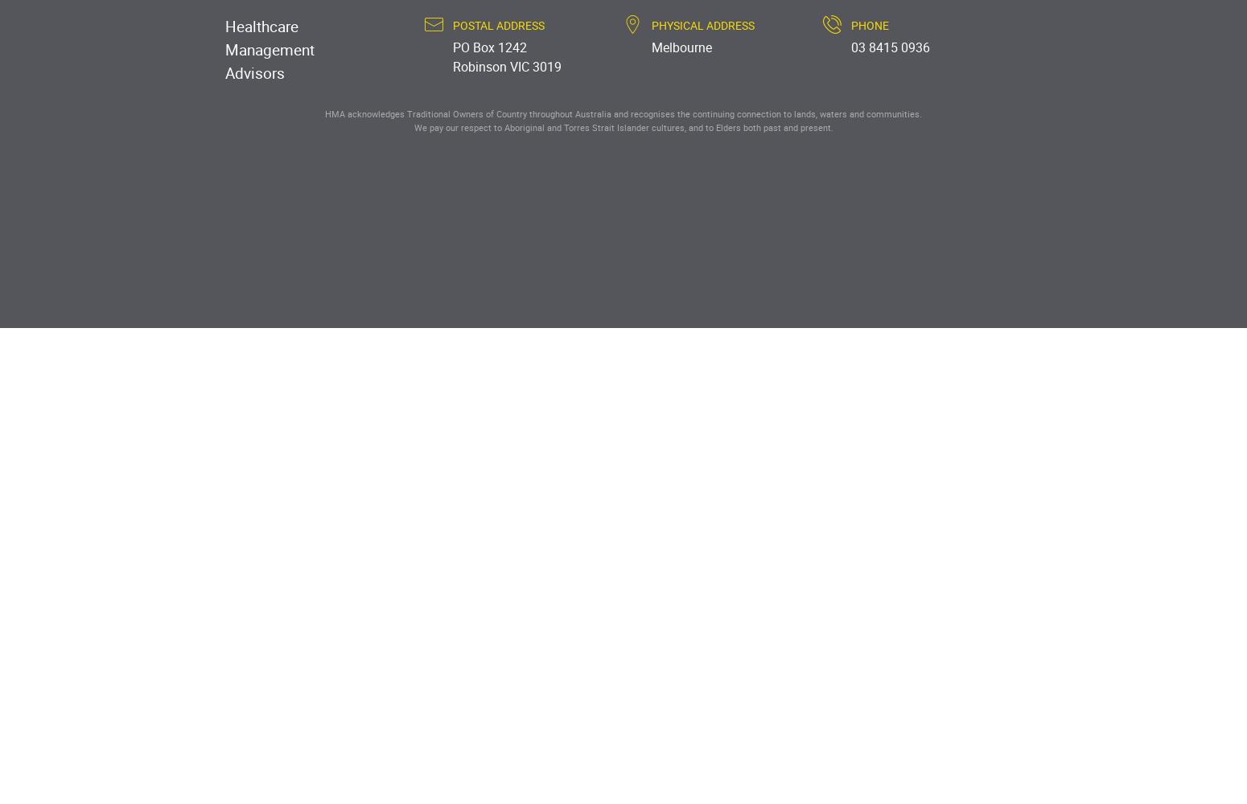 The image size is (1247, 804). I want to click on 'Physical Address', so click(651, 24).